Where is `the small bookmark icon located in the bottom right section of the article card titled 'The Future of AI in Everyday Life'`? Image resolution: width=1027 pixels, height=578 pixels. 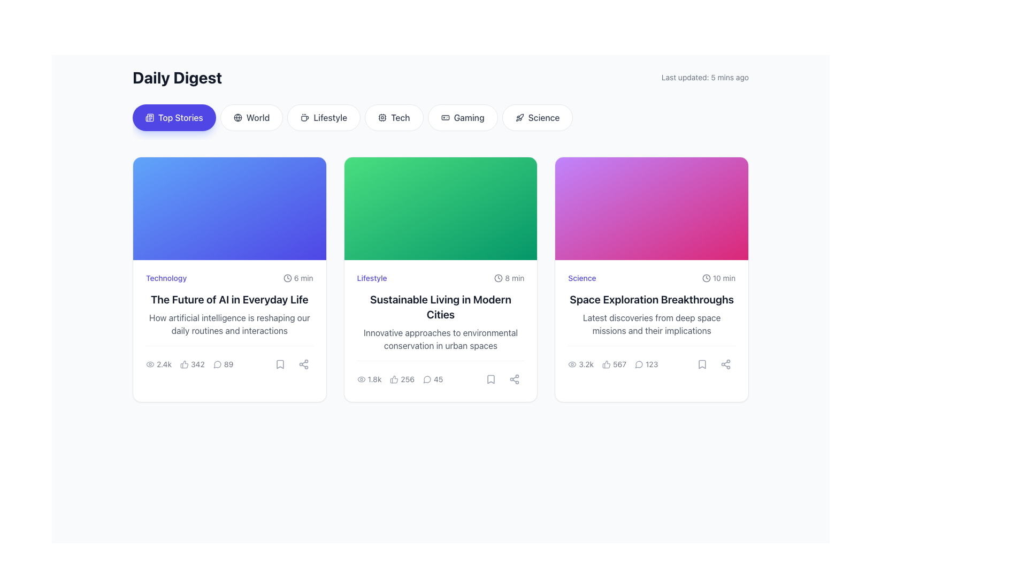
the small bookmark icon located in the bottom right section of the article card titled 'The Future of AI in Everyday Life' is located at coordinates (280, 364).